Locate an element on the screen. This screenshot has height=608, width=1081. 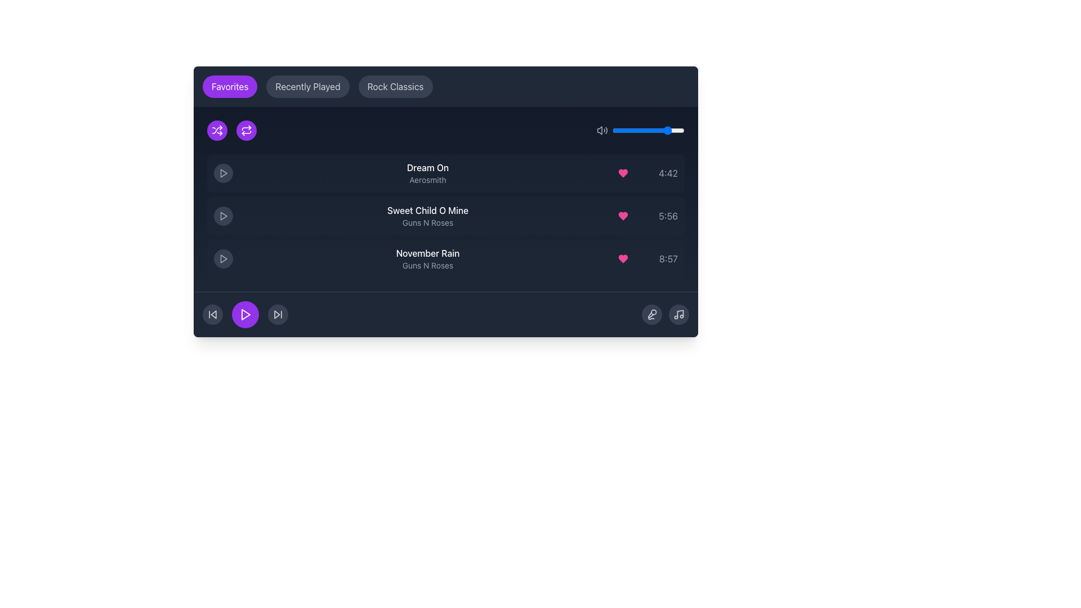
the favorite toggle button for the song 'Dream On' by Aerosmith is located at coordinates (623, 173).